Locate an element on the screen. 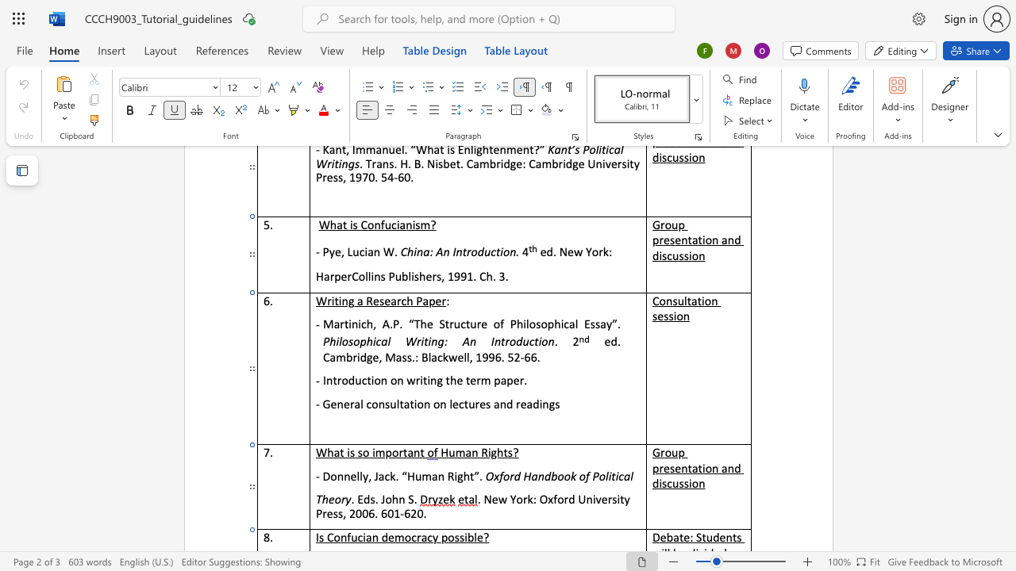  the space between the continuous character "R" and "i" in the text is located at coordinates (452, 475).